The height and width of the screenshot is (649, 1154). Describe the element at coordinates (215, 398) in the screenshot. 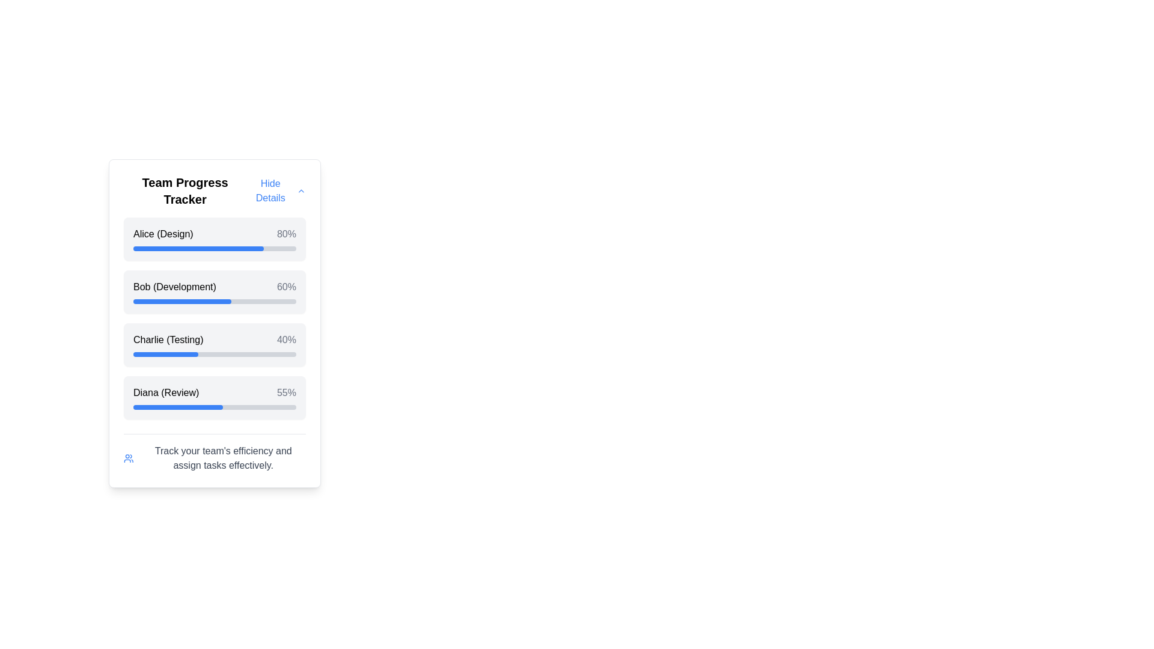

I see `the Progress card titled 'Diana (Review)' that displays a 55% progress bar, located at the bottom of the list of team progress cards` at that location.